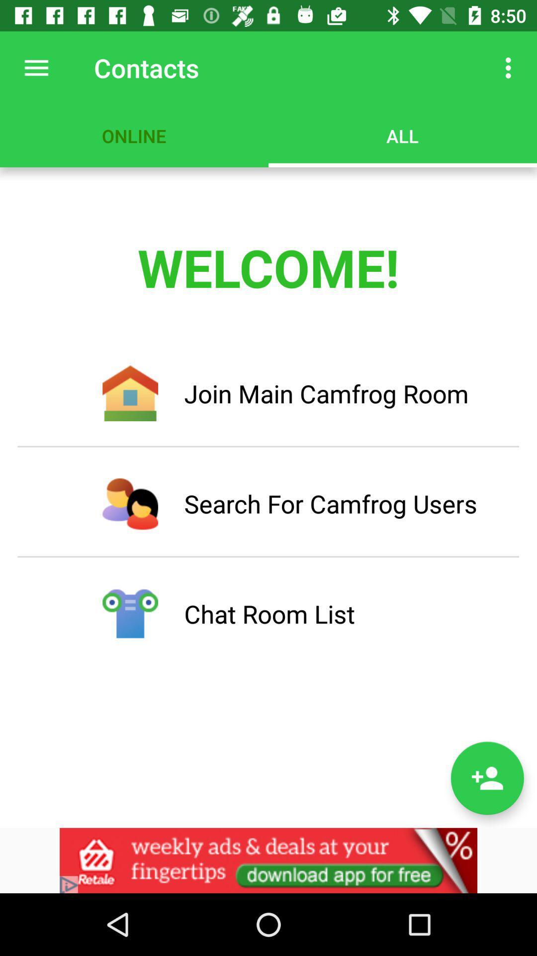  Describe the element at coordinates (268, 860) in the screenshot. I see `app footer advertisement window` at that location.